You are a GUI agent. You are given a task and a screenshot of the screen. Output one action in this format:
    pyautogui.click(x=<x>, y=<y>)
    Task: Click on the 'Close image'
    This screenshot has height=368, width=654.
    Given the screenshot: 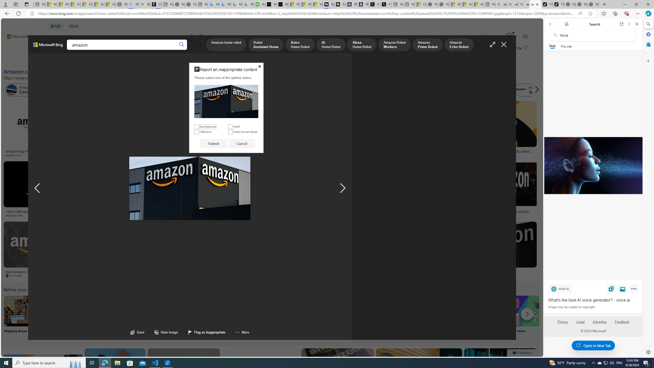 What is the action you would take?
    pyautogui.click(x=504, y=44)
    